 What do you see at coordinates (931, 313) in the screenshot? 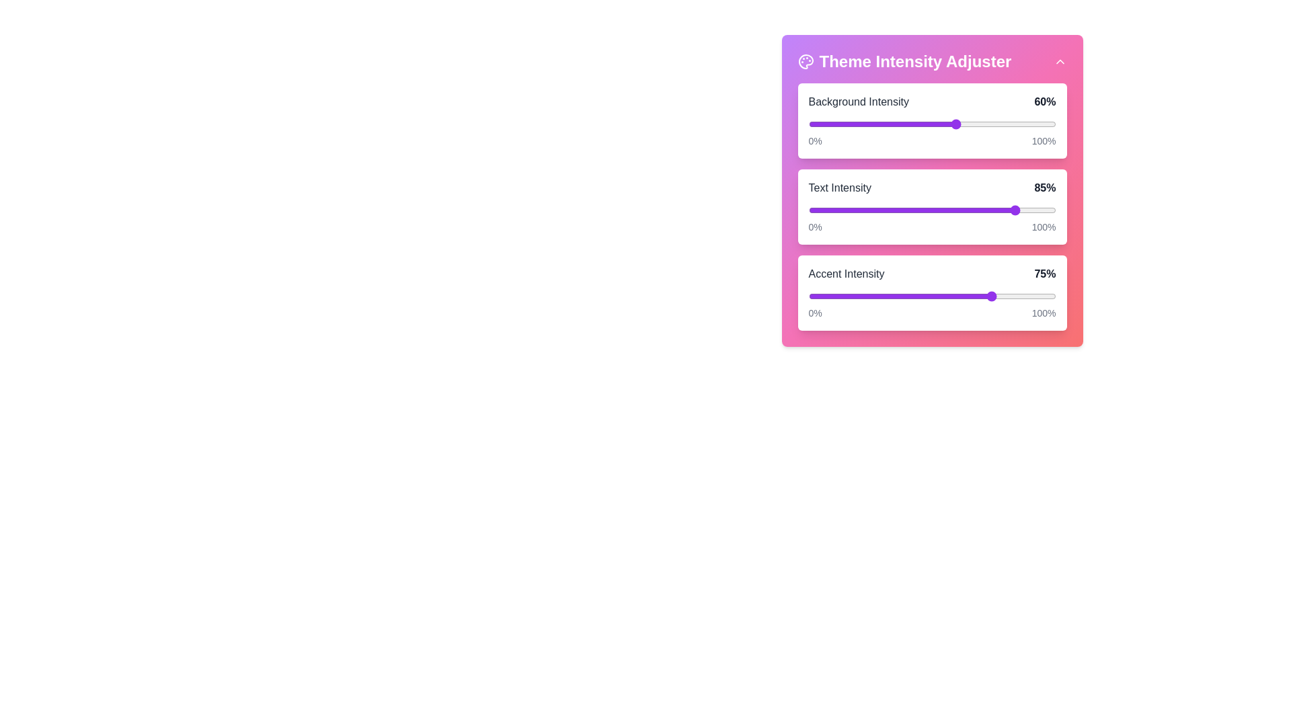
I see `the Label pair for range indicator element displaying '0%' on the left and '100%' on the right, which is positioned directly underneath the Accent Intensity slider` at bounding box center [931, 313].